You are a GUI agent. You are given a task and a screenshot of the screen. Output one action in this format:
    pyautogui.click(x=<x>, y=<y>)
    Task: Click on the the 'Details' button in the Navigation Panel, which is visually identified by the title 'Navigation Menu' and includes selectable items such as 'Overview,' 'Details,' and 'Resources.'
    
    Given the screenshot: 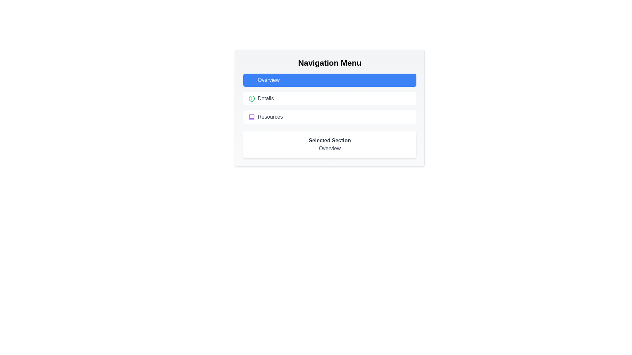 What is the action you would take?
    pyautogui.click(x=330, y=107)
    